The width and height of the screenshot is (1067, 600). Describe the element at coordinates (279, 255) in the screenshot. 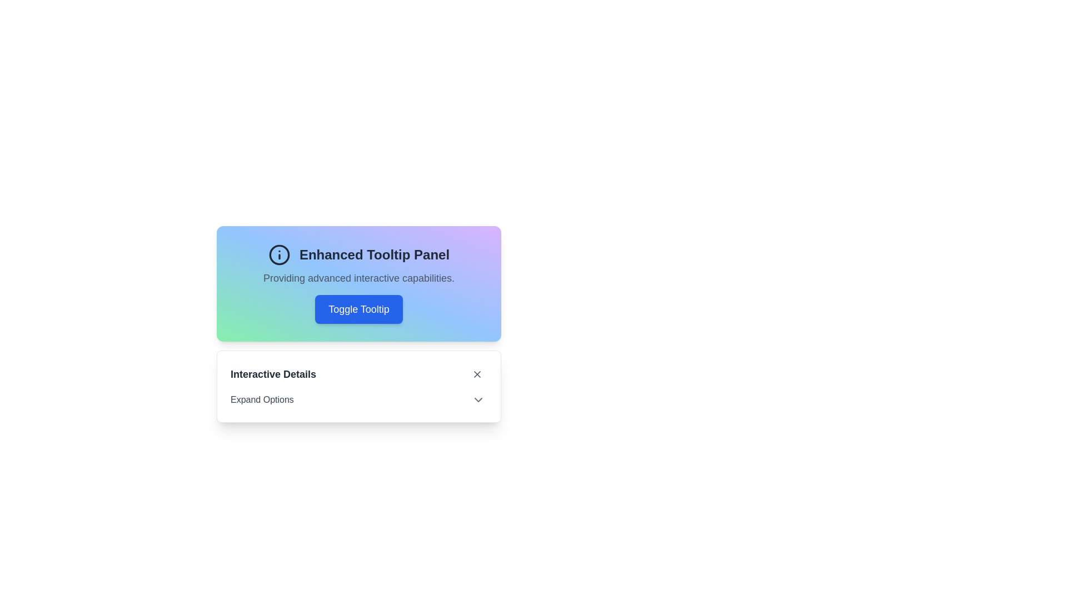

I see `the icon depicting a circled 'i' for information, which is styled with a gray tint and located within the 'Enhanced Tooltip Panel' to the left of the title text` at that location.